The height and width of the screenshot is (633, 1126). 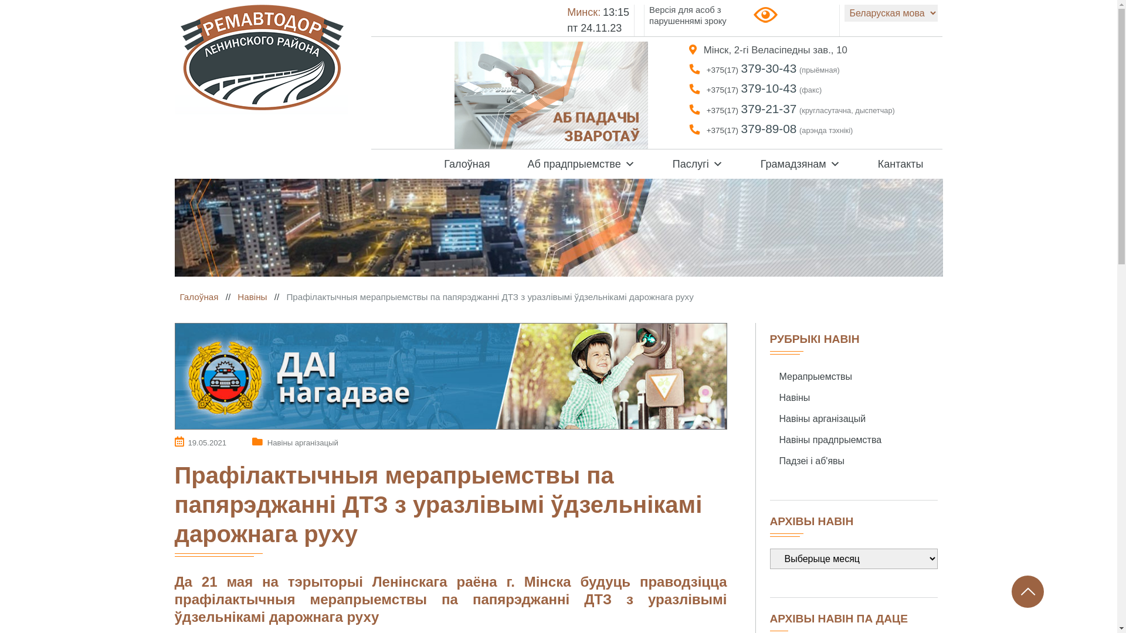 I want to click on '13:15', so click(x=615, y=12).